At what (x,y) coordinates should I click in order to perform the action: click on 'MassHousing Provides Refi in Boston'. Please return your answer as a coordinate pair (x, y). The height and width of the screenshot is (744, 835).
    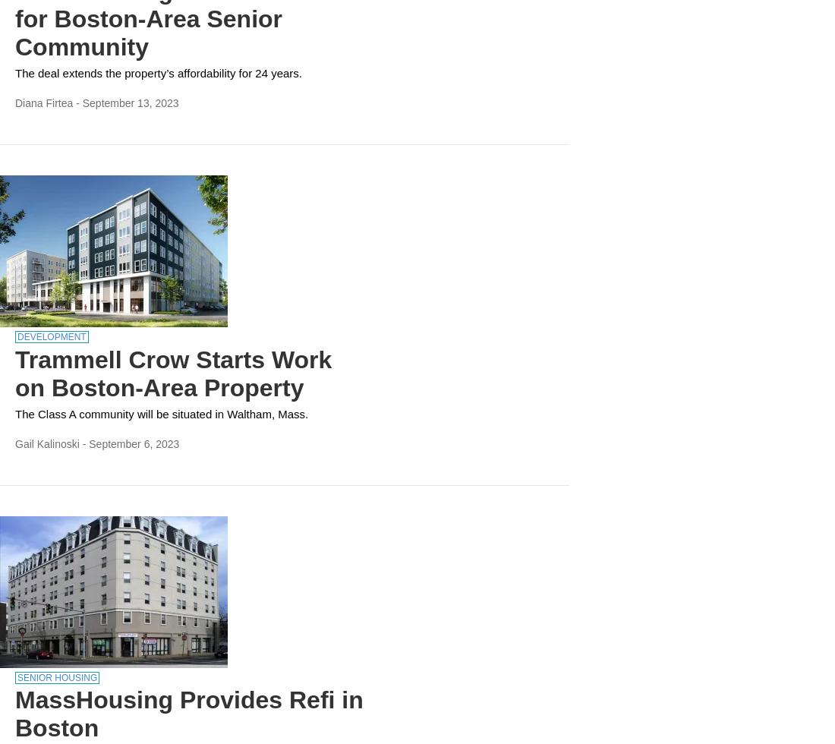
    Looking at the image, I should click on (189, 714).